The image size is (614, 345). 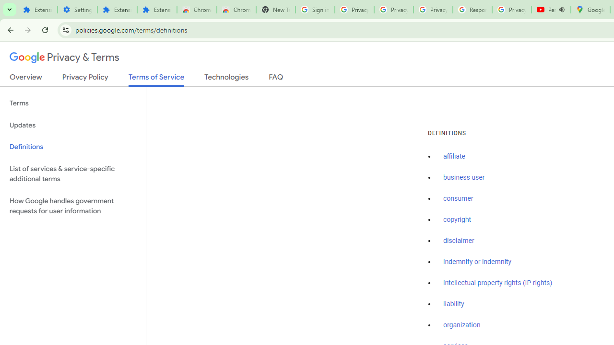 I want to click on 'consumer', so click(x=458, y=198).